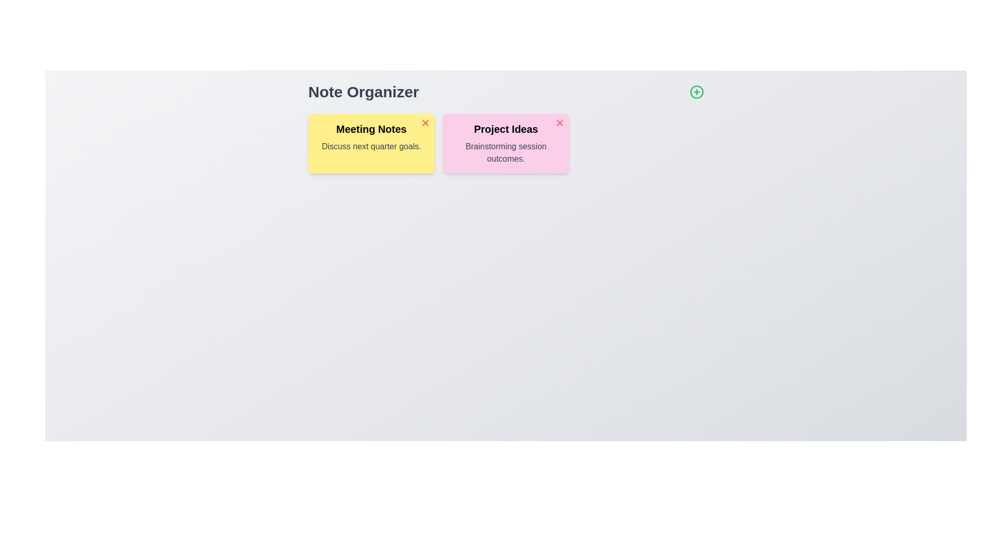 The width and height of the screenshot is (989, 556). What do you see at coordinates (696, 91) in the screenshot?
I see `the circular outer border of the plus-sign icon located in the top-right corner of the interface` at bounding box center [696, 91].